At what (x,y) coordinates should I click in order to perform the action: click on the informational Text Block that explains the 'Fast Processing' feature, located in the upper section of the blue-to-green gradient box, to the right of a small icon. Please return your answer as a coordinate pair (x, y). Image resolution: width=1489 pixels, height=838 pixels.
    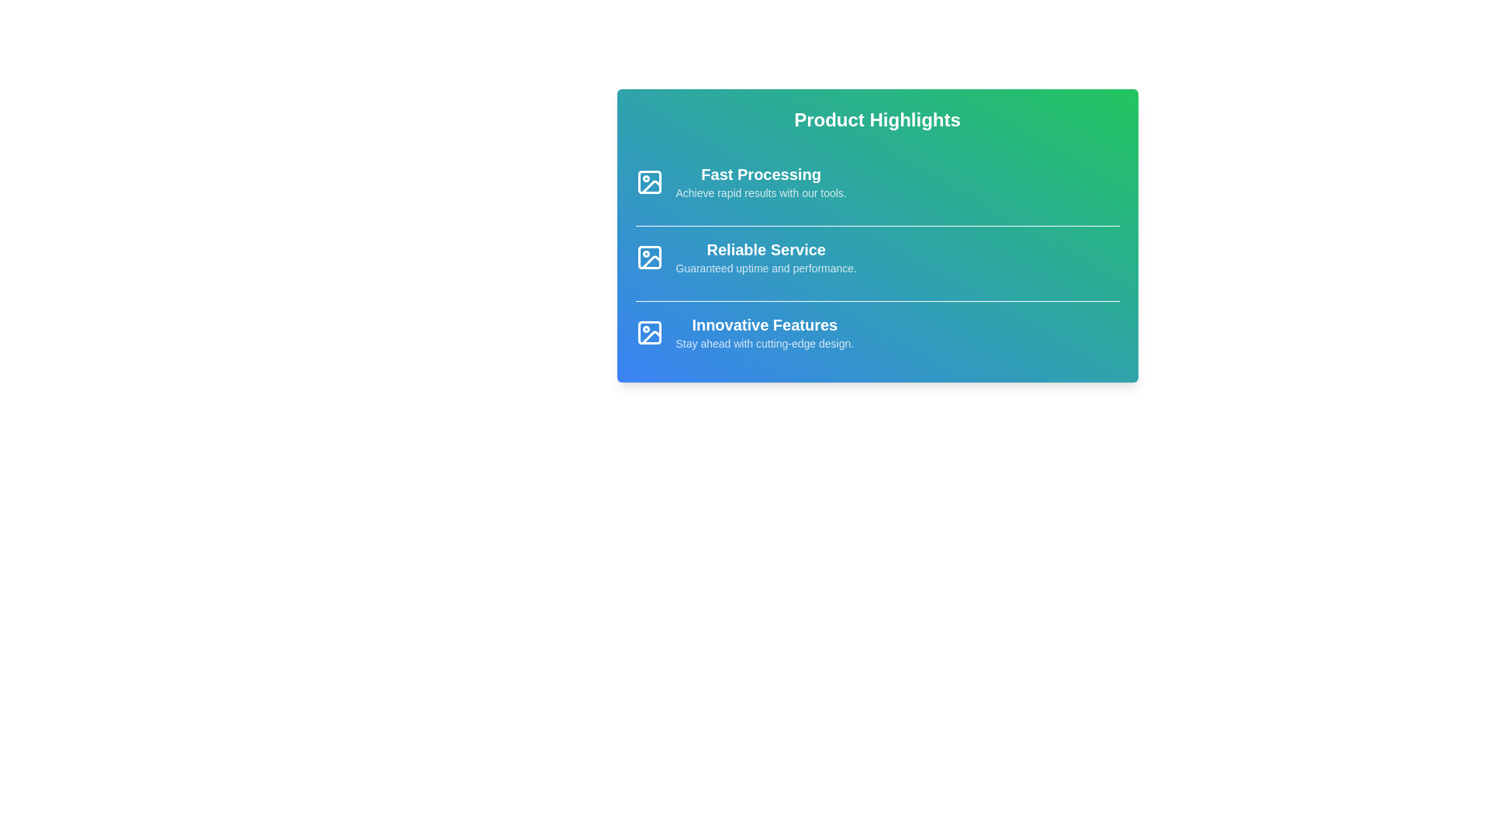
    Looking at the image, I should click on (761, 182).